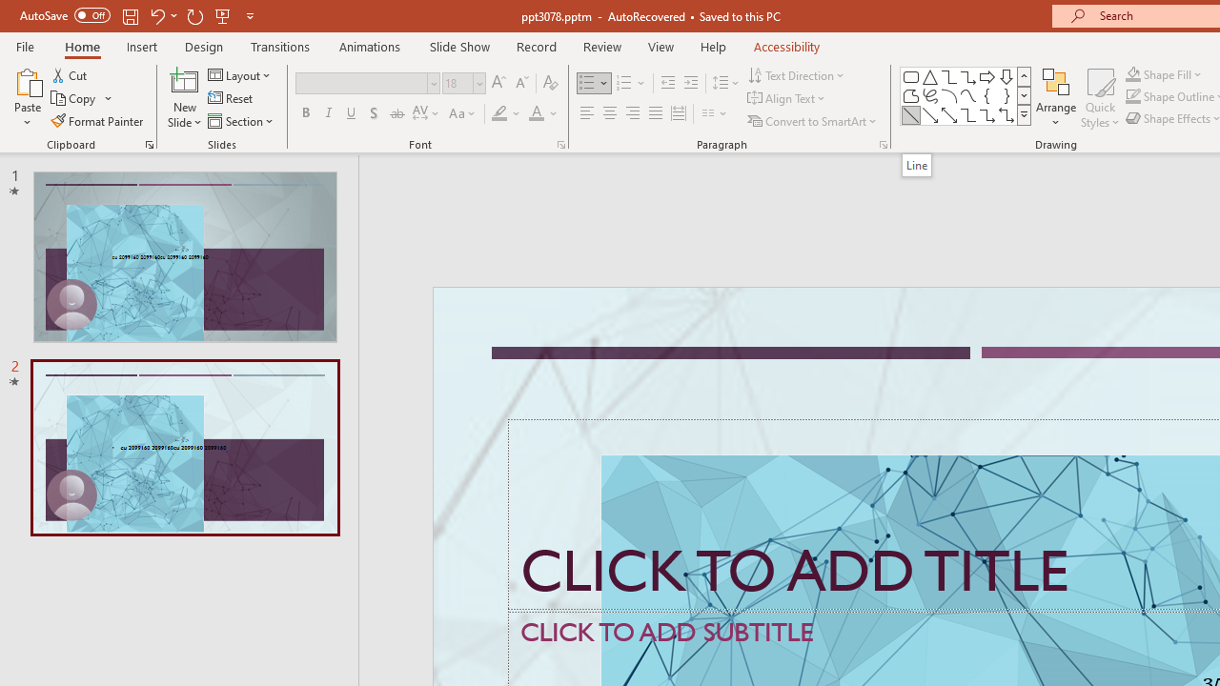 Image resolution: width=1220 pixels, height=686 pixels. Describe the element at coordinates (74, 98) in the screenshot. I see `'Copy'` at that location.